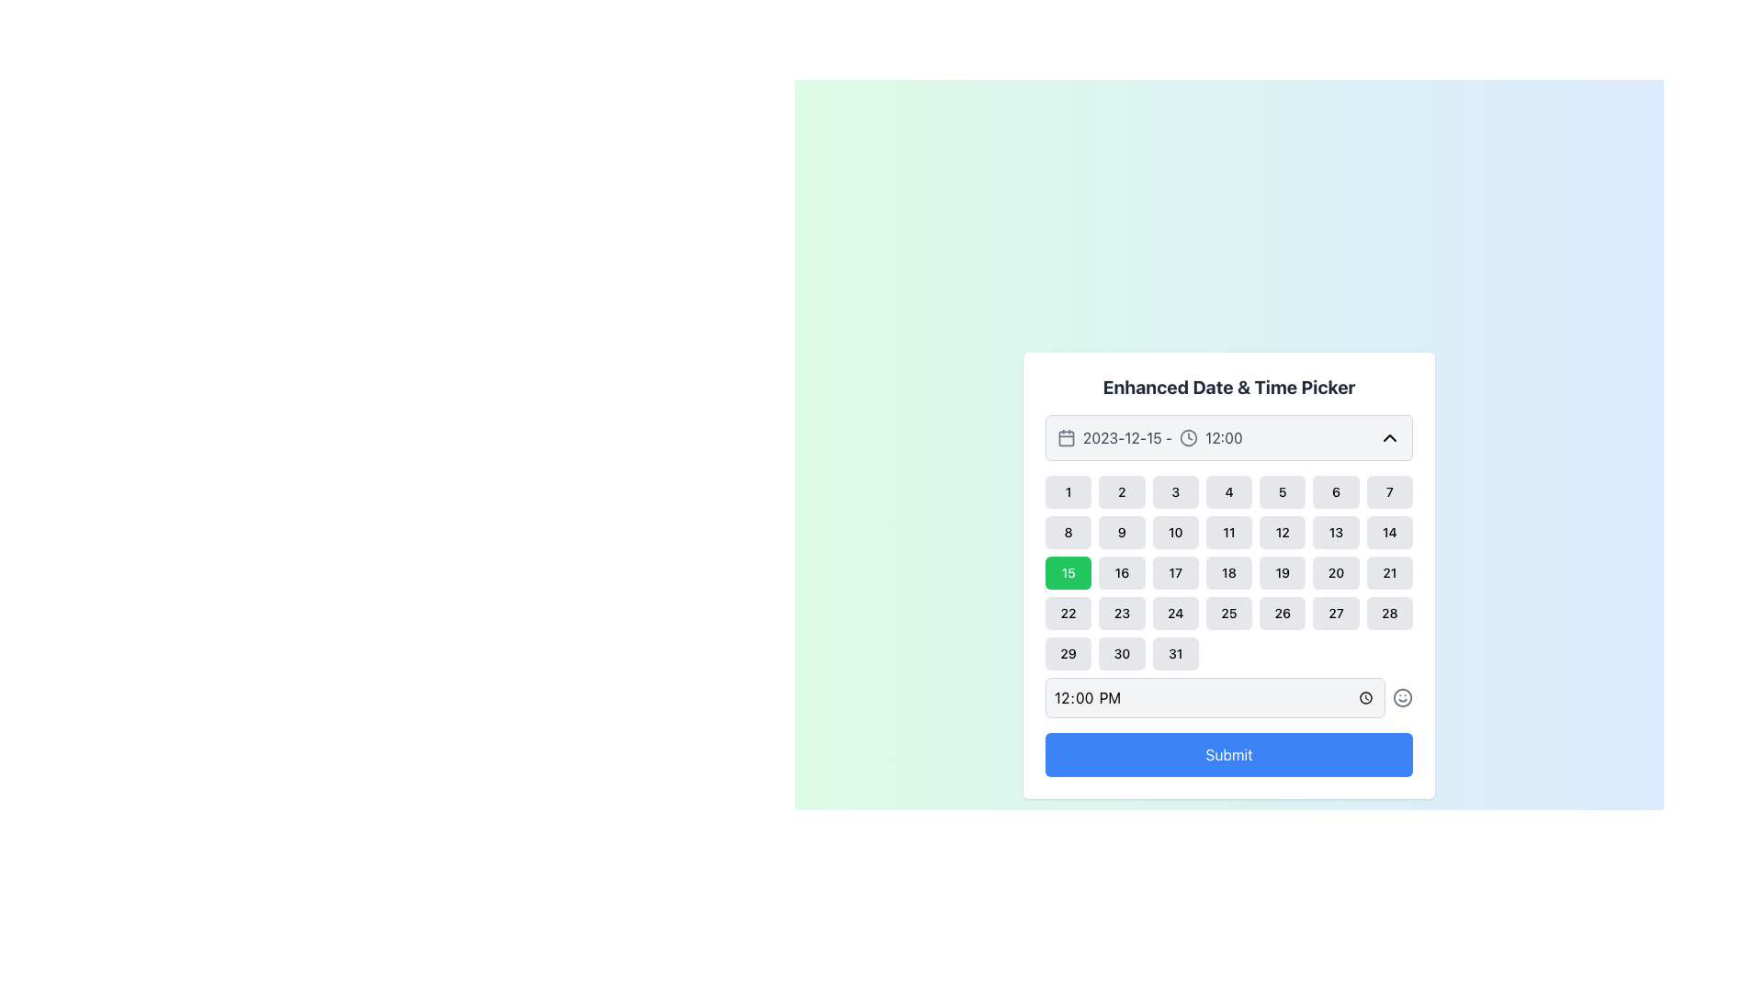 This screenshot has width=1764, height=992. What do you see at coordinates (1121, 572) in the screenshot?
I see `the square button labeled '16' with a light gray background and rounded borders to highlight it` at bounding box center [1121, 572].